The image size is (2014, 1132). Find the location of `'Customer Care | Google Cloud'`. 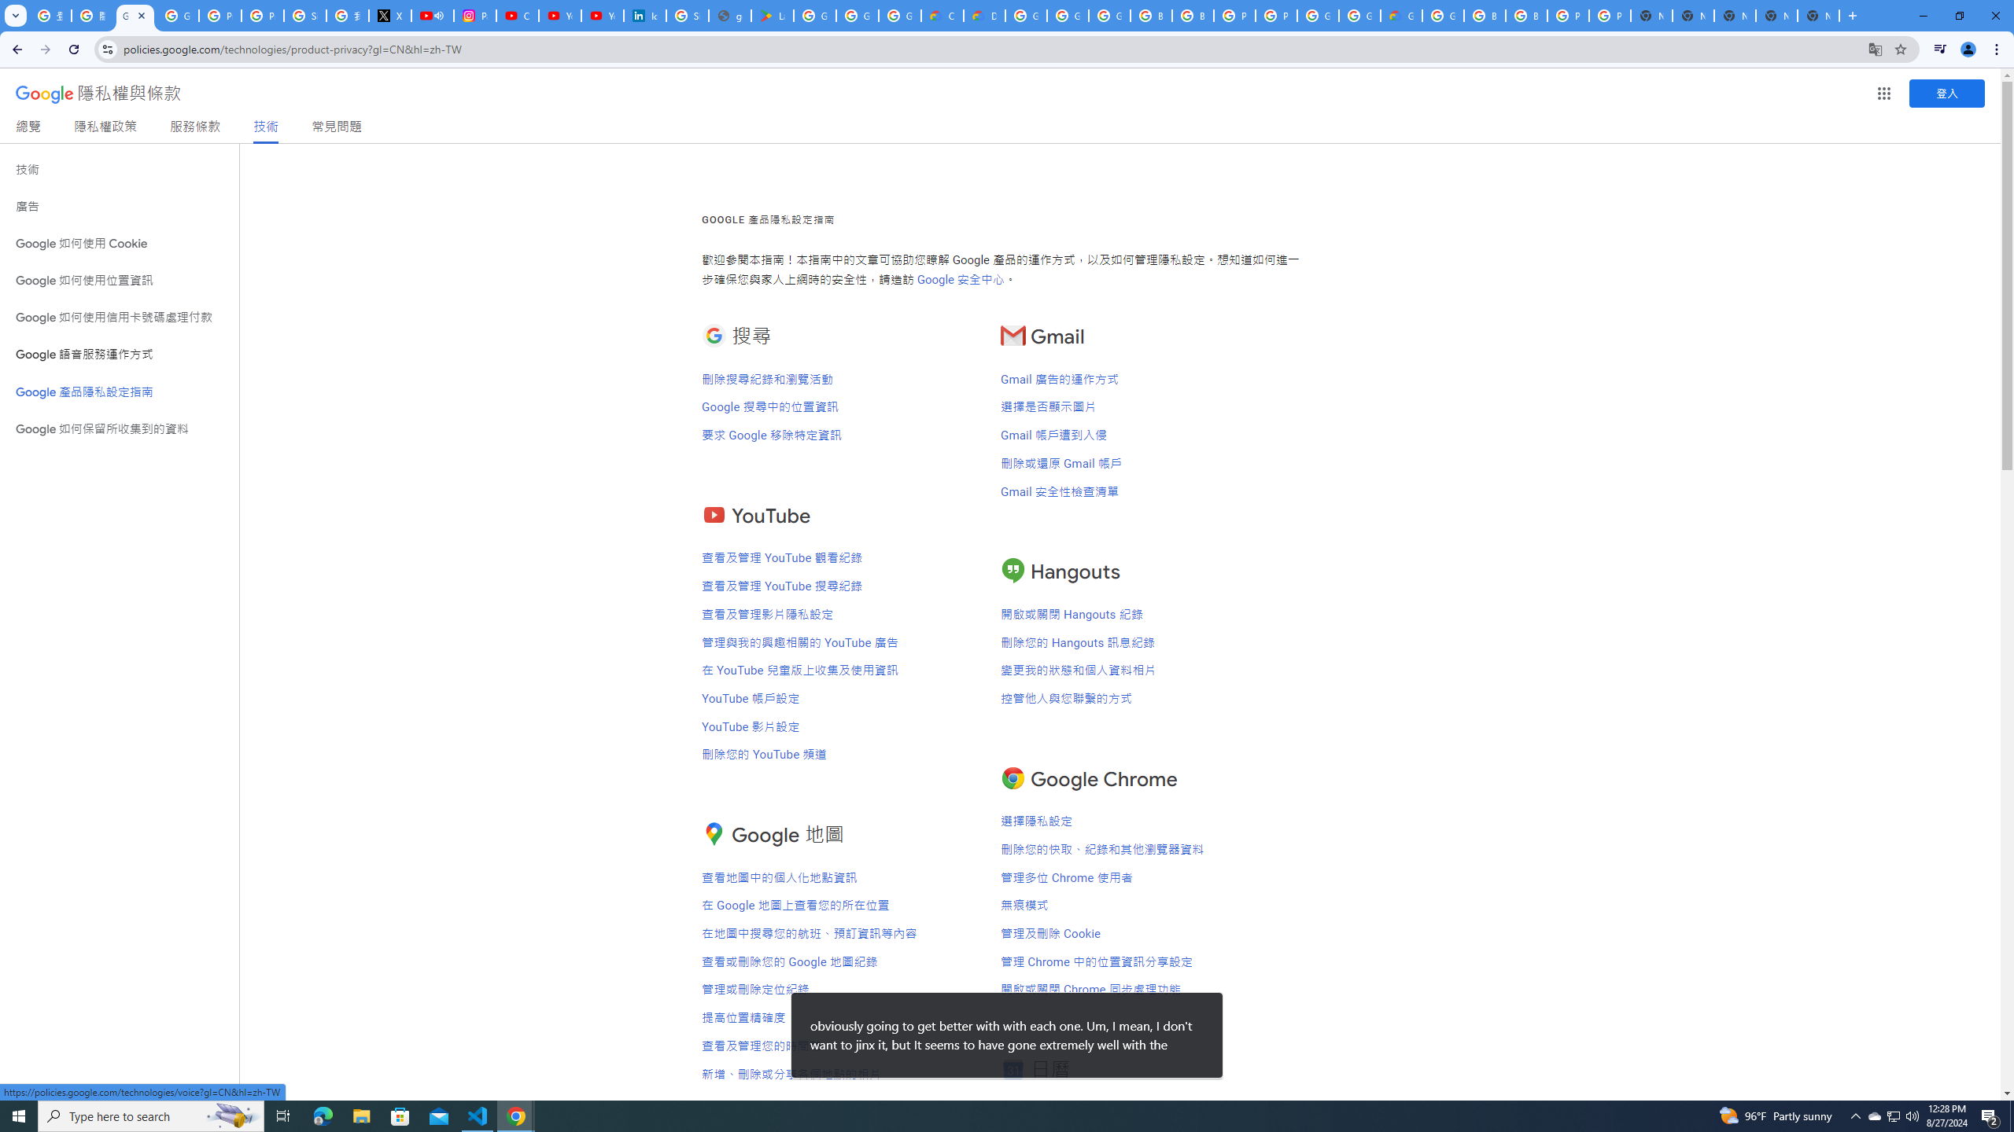

'Customer Care | Google Cloud' is located at coordinates (942, 15).